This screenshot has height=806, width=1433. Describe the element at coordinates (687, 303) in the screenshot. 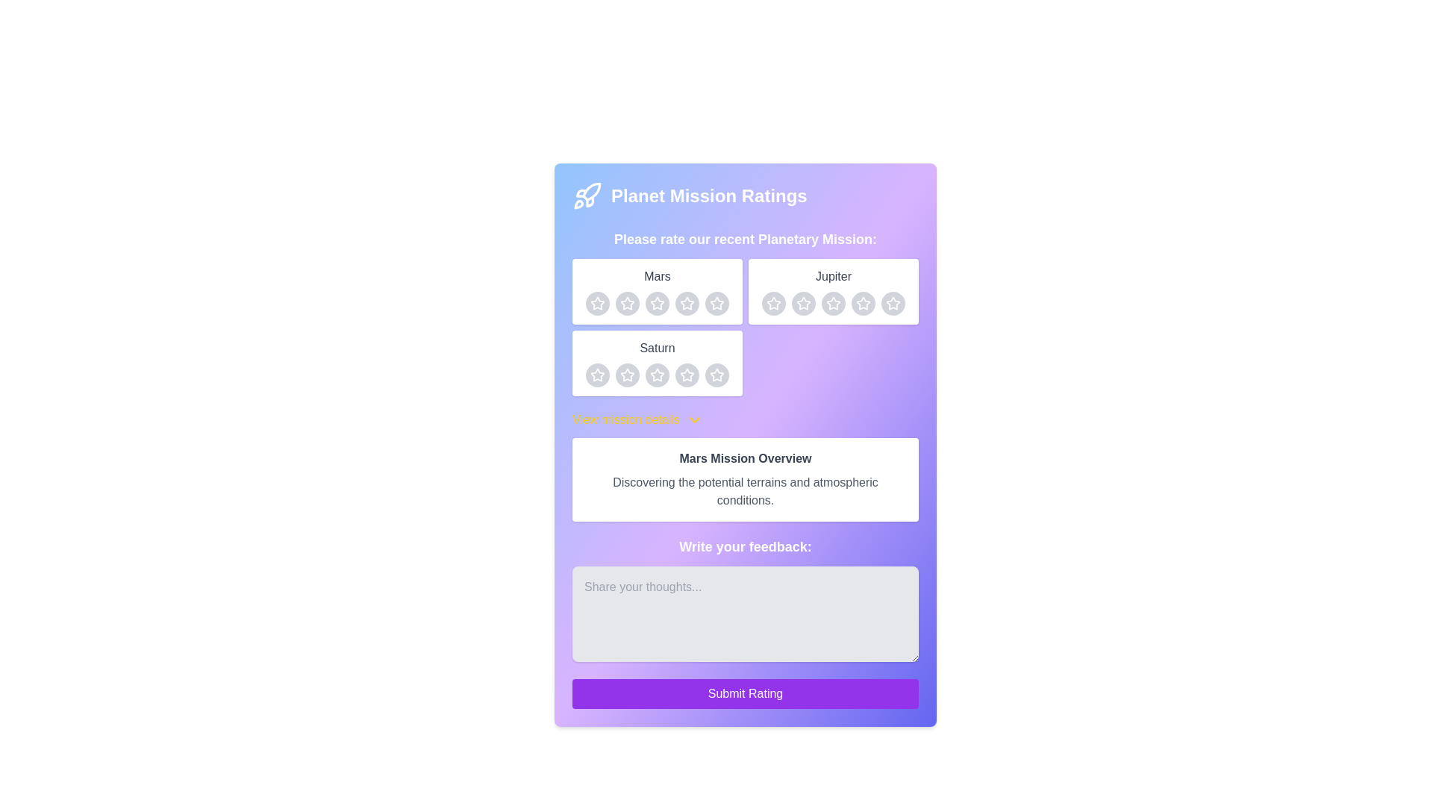

I see `the fourth star button in the 'Mars' rating section` at that location.